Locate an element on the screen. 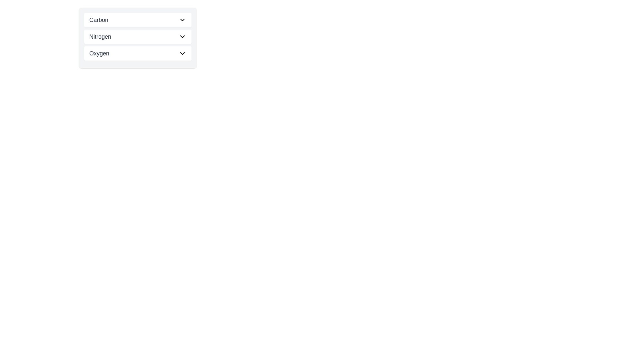  the 'Carbon' dropdown menu for keyboard interaction by clicking on it is located at coordinates (137, 19).